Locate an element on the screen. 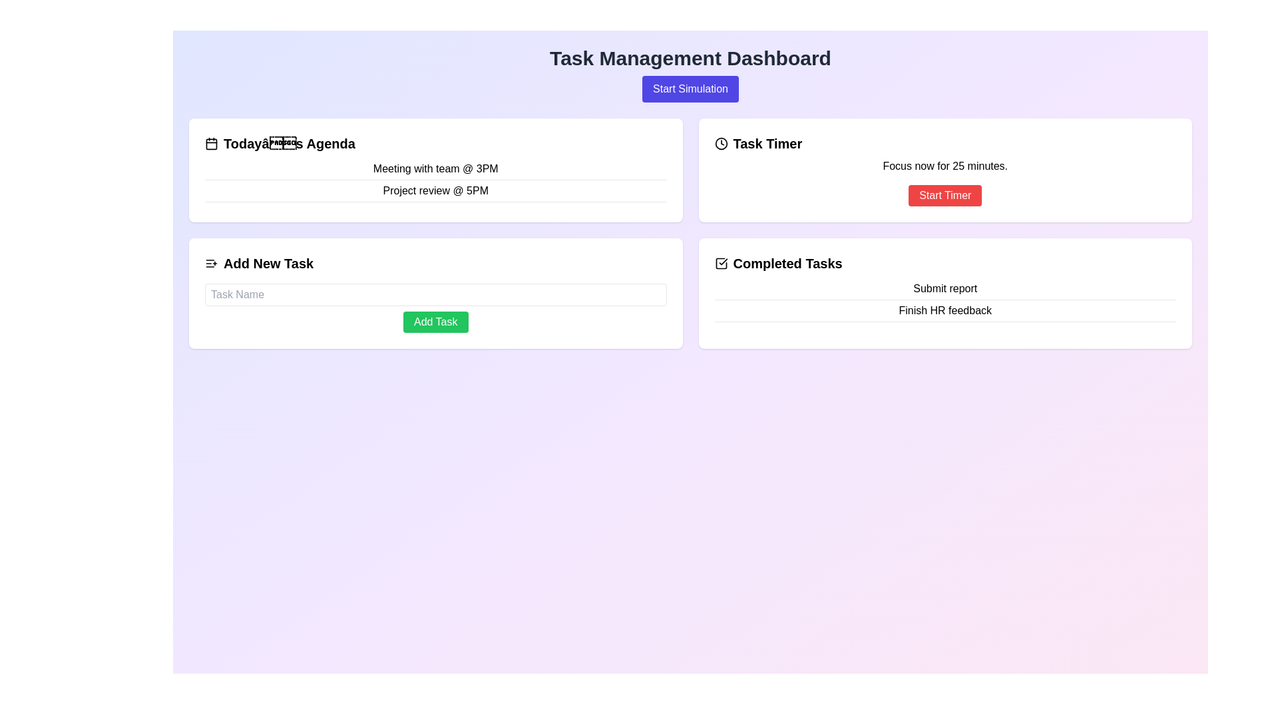  the square-shaped checkbox icon with a checkmark symbol inside it, located in the 'Completed Tasks' section in the bottom-right quadrant of the interface is located at coordinates (720, 264).